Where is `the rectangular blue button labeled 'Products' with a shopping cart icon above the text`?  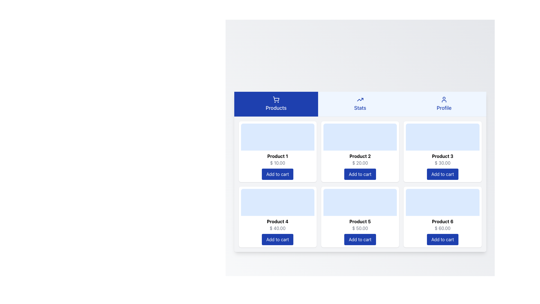
the rectangular blue button labeled 'Products' with a shopping cart icon above the text is located at coordinates (276, 104).